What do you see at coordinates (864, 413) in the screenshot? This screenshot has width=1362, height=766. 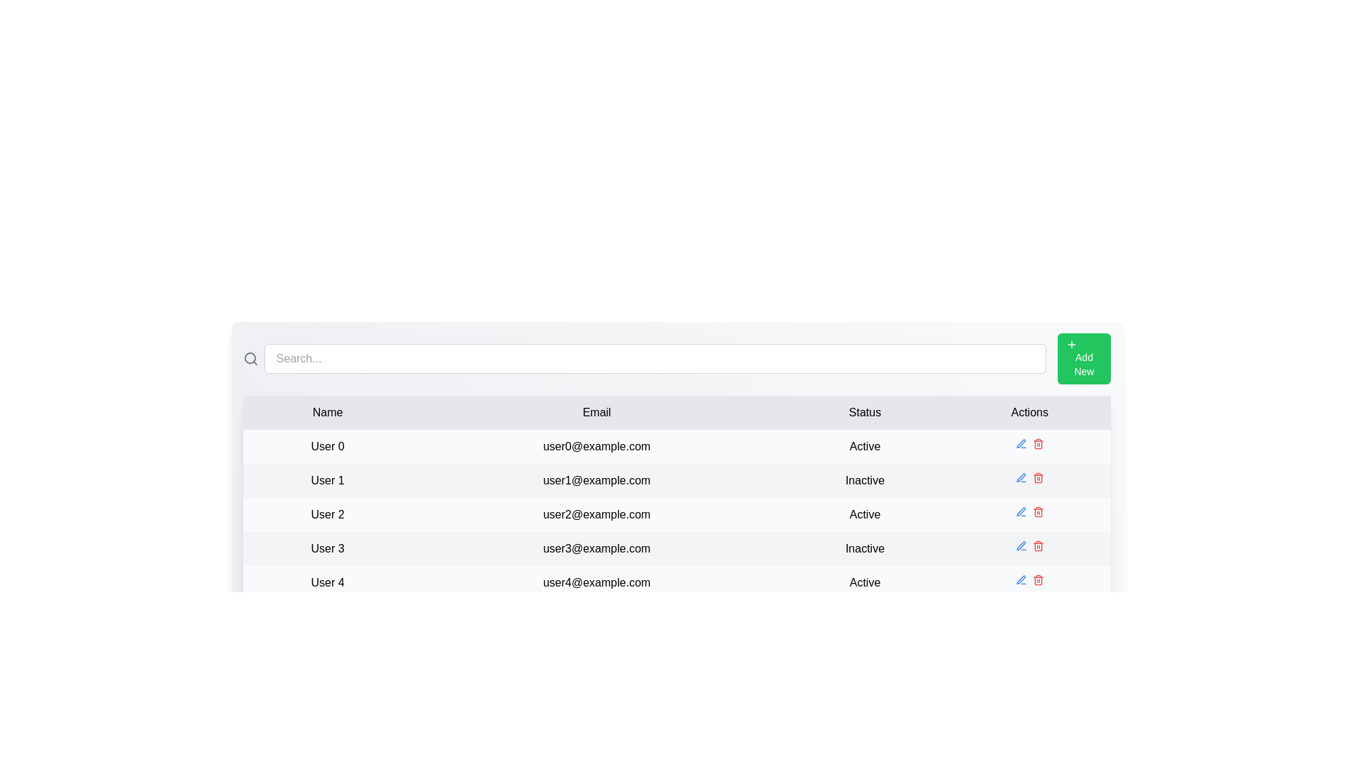 I see `the column header Status to inspect it` at bounding box center [864, 413].